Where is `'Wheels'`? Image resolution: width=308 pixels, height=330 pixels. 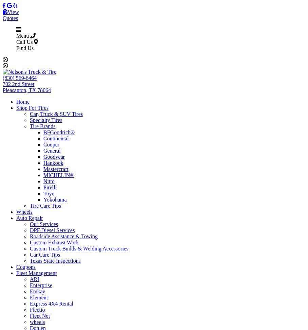
'Wheels' is located at coordinates (24, 211).